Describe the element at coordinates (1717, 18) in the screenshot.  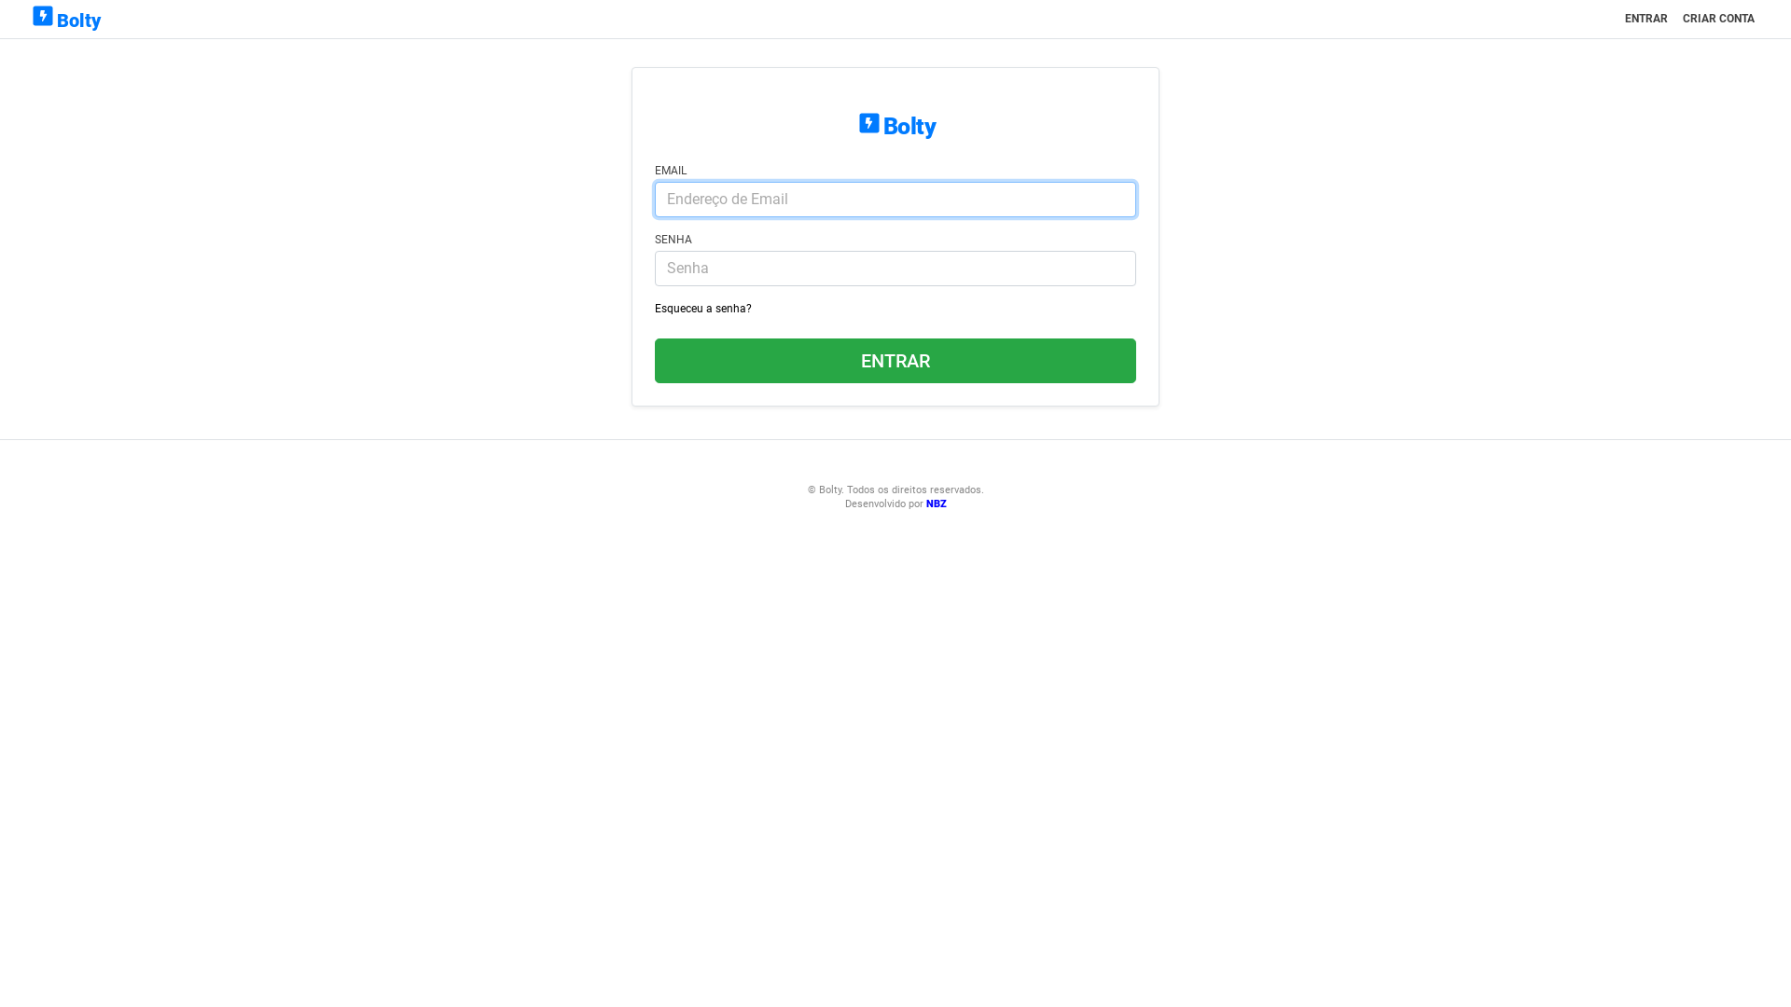
I see `'CRIAR CONTA'` at that location.